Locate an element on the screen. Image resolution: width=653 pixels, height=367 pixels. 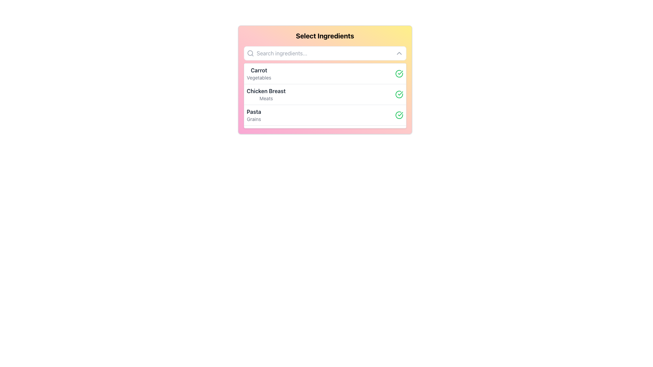
the small, upward-pointing chevron icon in gray color located at the far right end of the search bar is located at coordinates (399, 53).